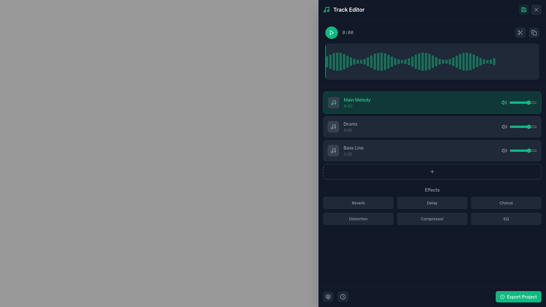  I want to click on the fifth visual indicator bar representing the audio waveform, which indicates volume or intensity at a specific point in the track, so click(341, 61).